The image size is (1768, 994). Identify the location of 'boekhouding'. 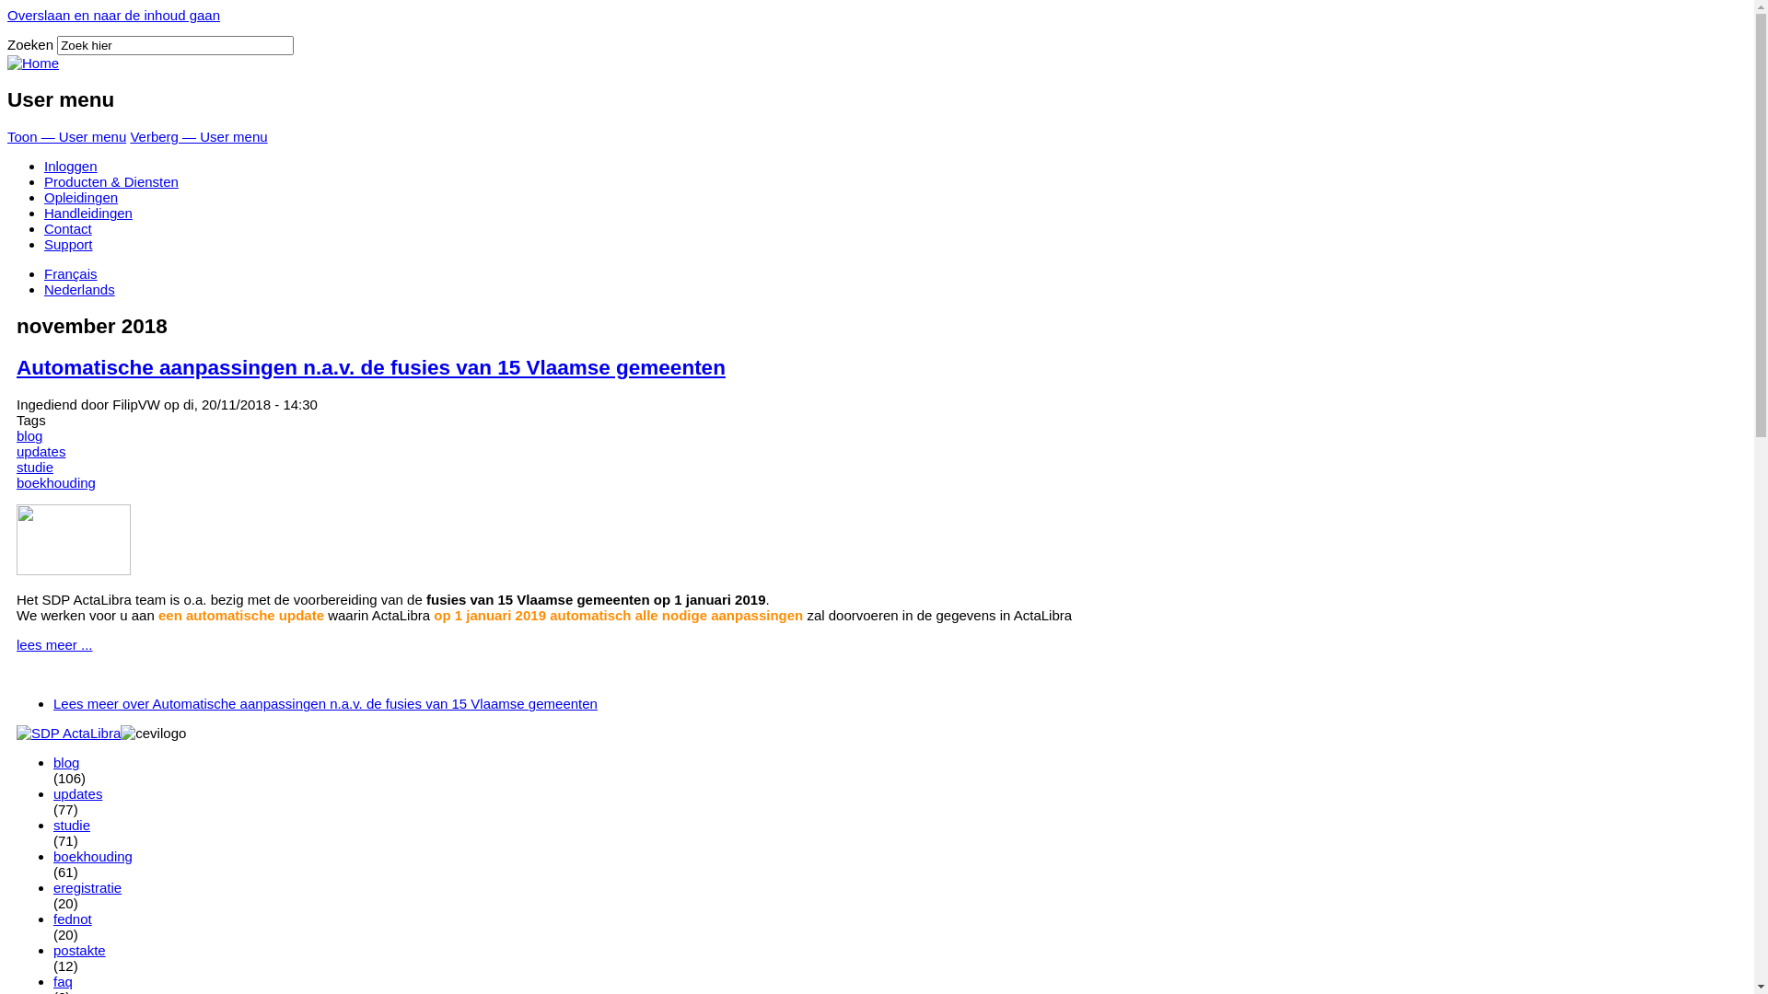
(52, 856).